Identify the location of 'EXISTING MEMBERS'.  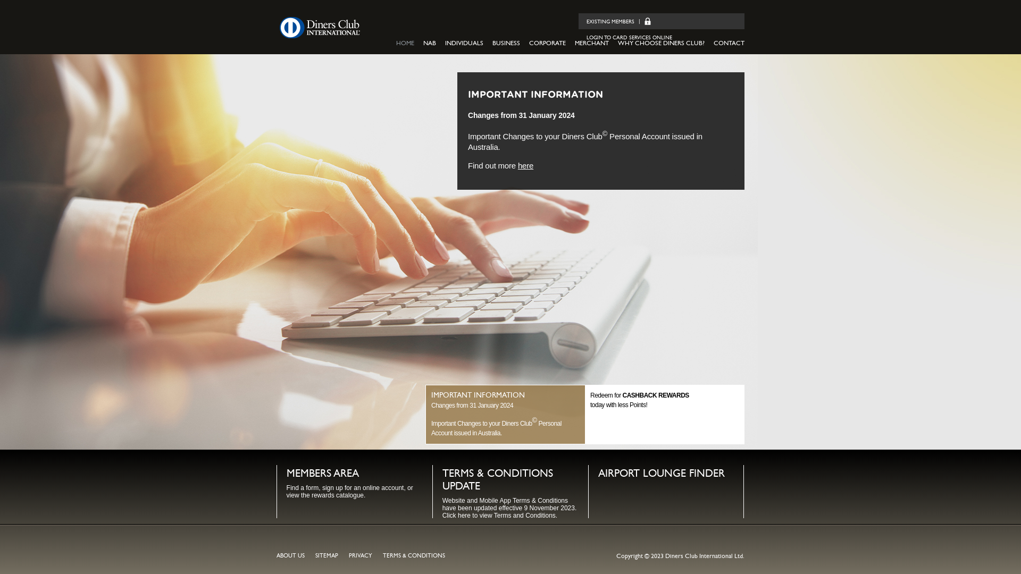
(610, 22).